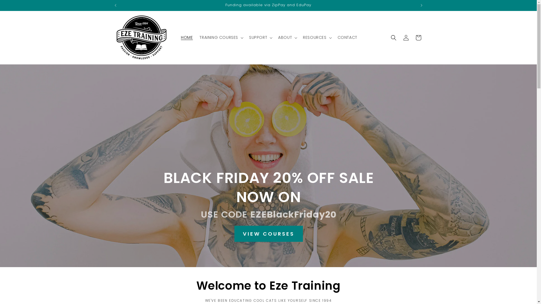  What do you see at coordinates (347, 37) in the screenshot?
I see `'CONTACT'` at bounding box center [347, 37].